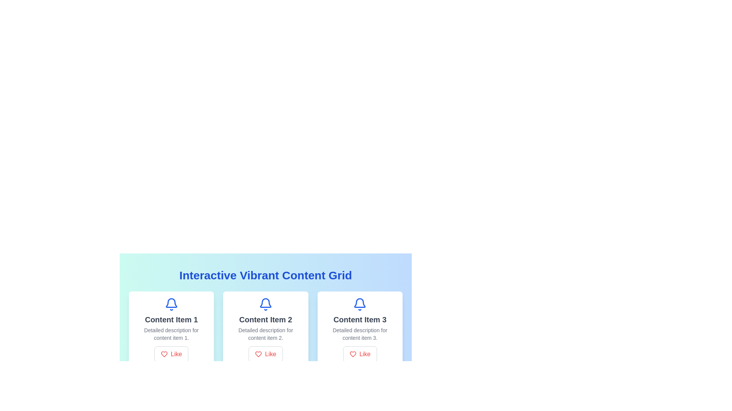  Describe the element at coordinates (352, 354) in the screenshot. I see `the 'like' icon located inside the 'Like' button of 'Content Item 3'` at that location.